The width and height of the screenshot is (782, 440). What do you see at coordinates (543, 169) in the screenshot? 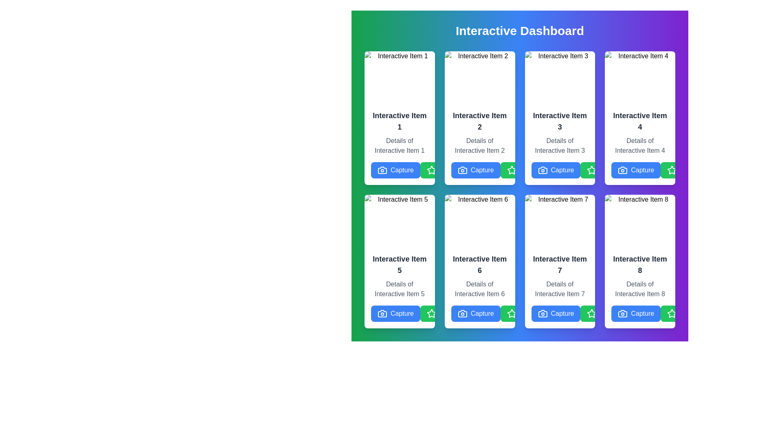
I see `the camera icon located within the 'Capture' button in the third card of the grid layout, which features a rectangular outline and a circular lens design` at bounding box center [543, 169].